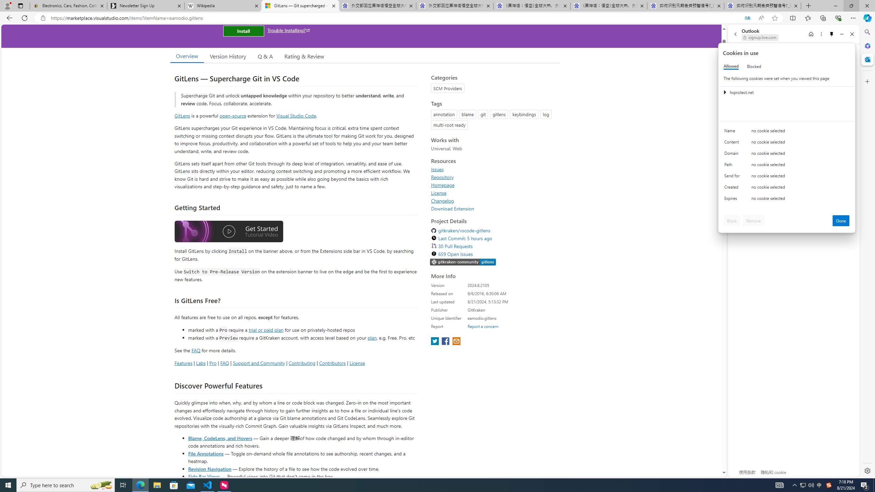 The image size is (875, 492). What do you see at coordinates (787, 200) in the screenshot?
I see `'Class: c0153 c0157'` at bounding box center [787, 200].